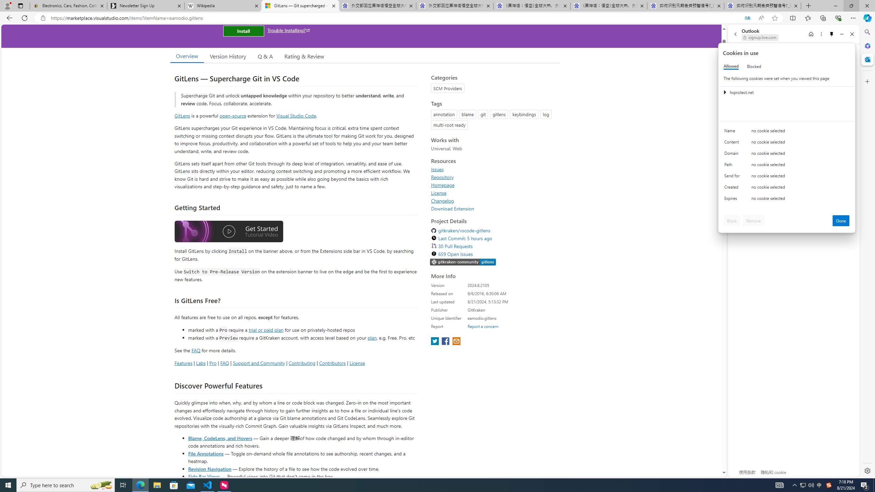 The image size is (875, 492). What do you see at coordinates (787, 200) in the screenshot?
I see `'Class: c0153 c0157'` at bounding box center [787, 200].